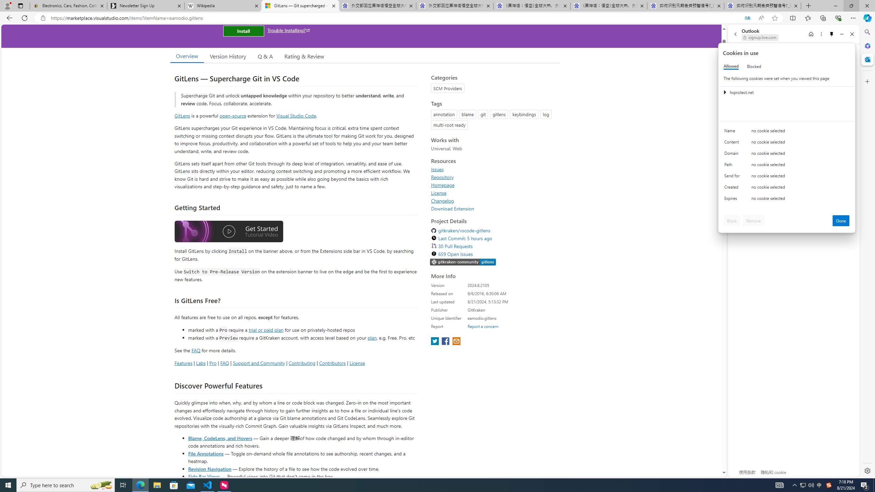 The image size is (875, 492). What do you see at coordinates (787, 200) in the screenshot?
I see `'Class: c0153 c0157'` at bounding box center [787, 200].